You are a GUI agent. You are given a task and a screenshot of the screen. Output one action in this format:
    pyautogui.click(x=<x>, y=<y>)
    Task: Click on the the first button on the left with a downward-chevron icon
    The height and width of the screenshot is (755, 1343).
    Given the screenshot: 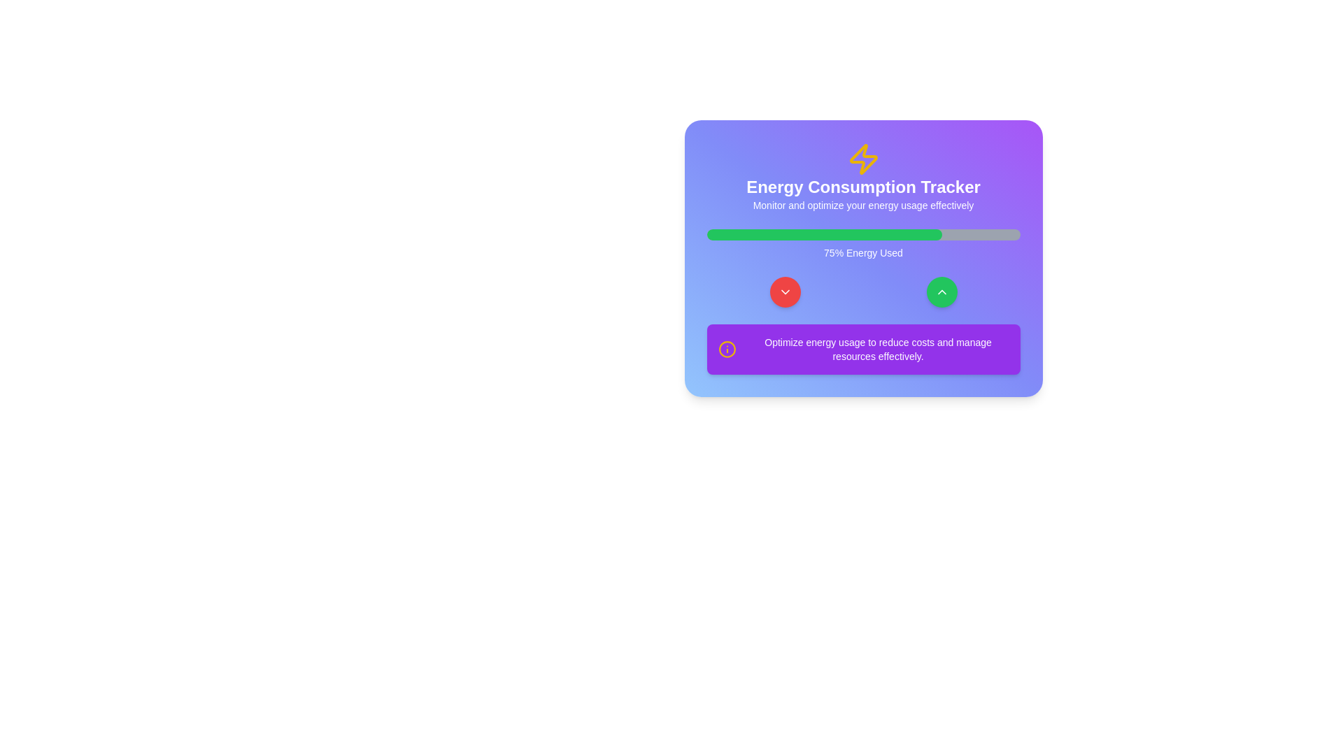 What is the action you would take?
    pyautogui.click(x=785, y=291)
    